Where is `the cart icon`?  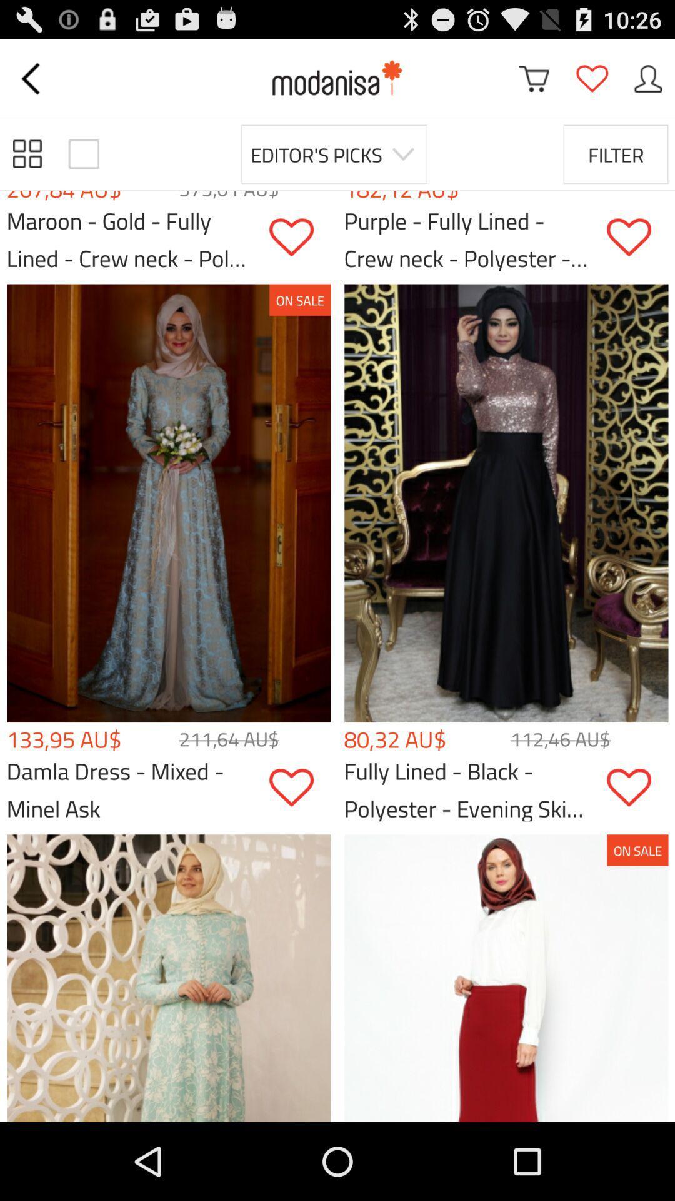 the cart icon is located at coordinates (534, 83).